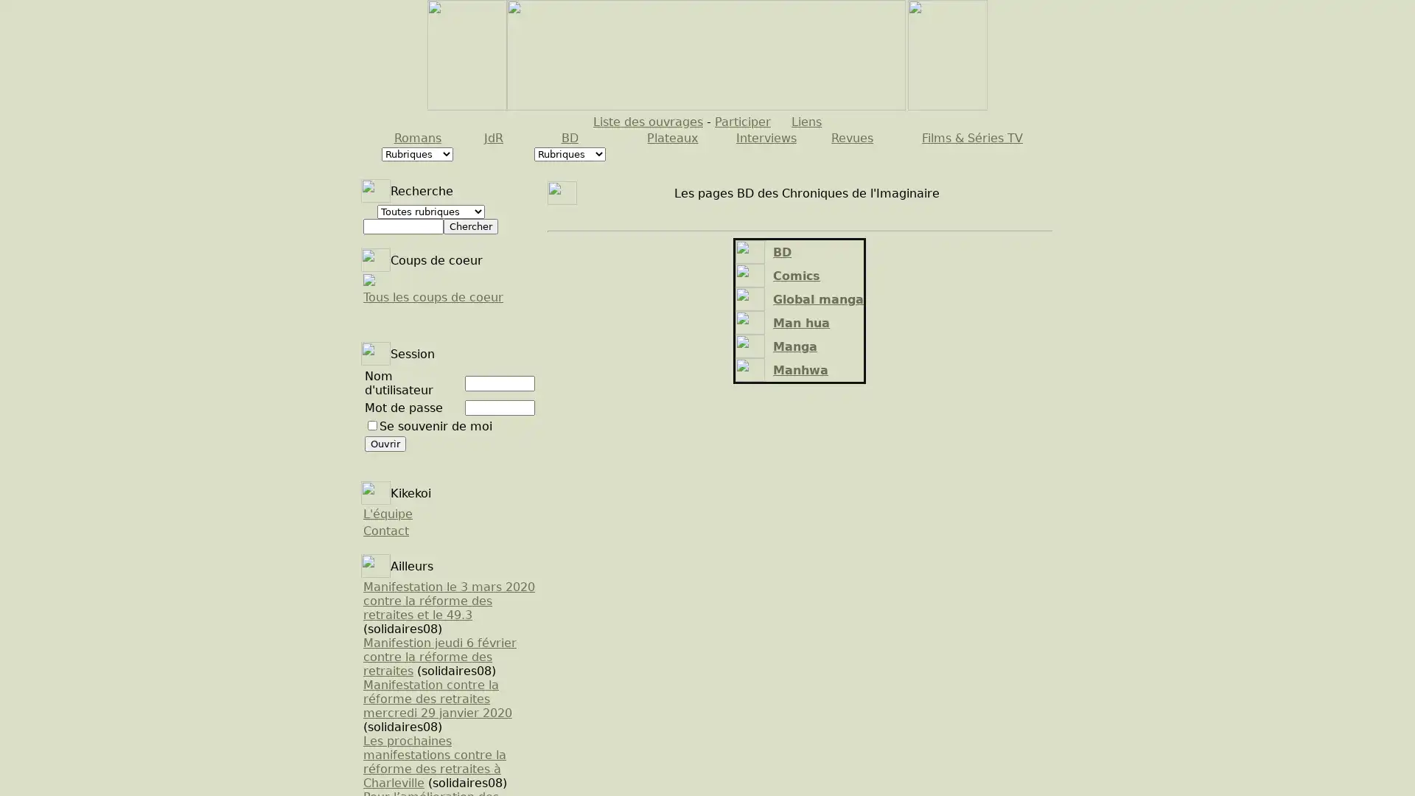 The width and height of the screenshot is (1415, 796). I want to click on Chercher, so click(469, 226).